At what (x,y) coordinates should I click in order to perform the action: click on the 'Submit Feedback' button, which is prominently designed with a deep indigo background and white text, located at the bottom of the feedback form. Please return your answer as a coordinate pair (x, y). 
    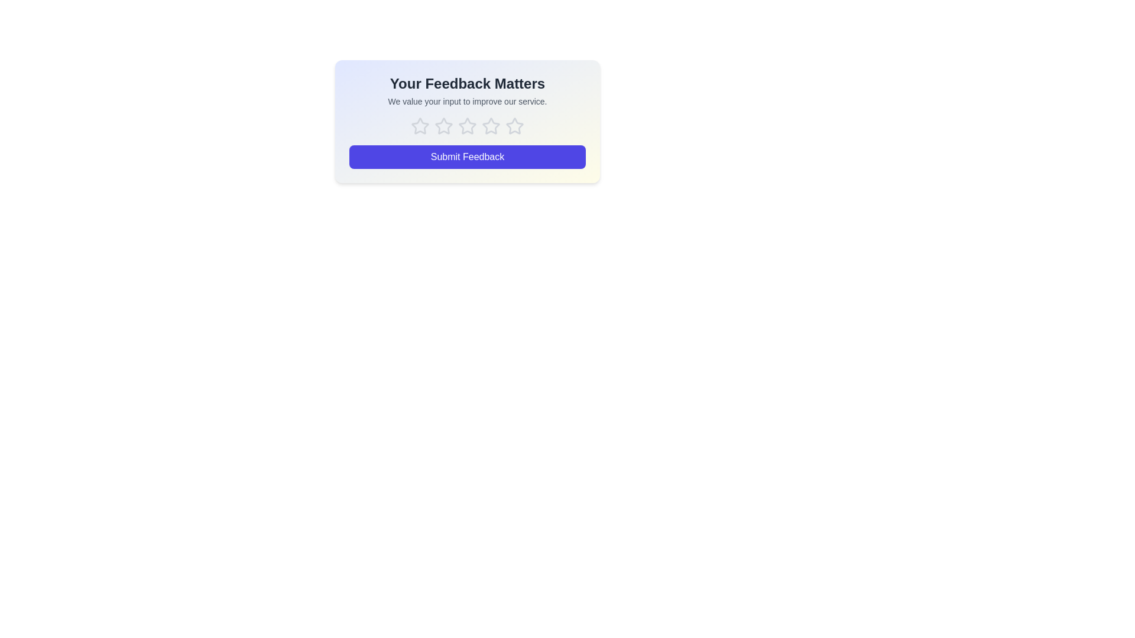
    Looking at the image, I should click on (467, 157).